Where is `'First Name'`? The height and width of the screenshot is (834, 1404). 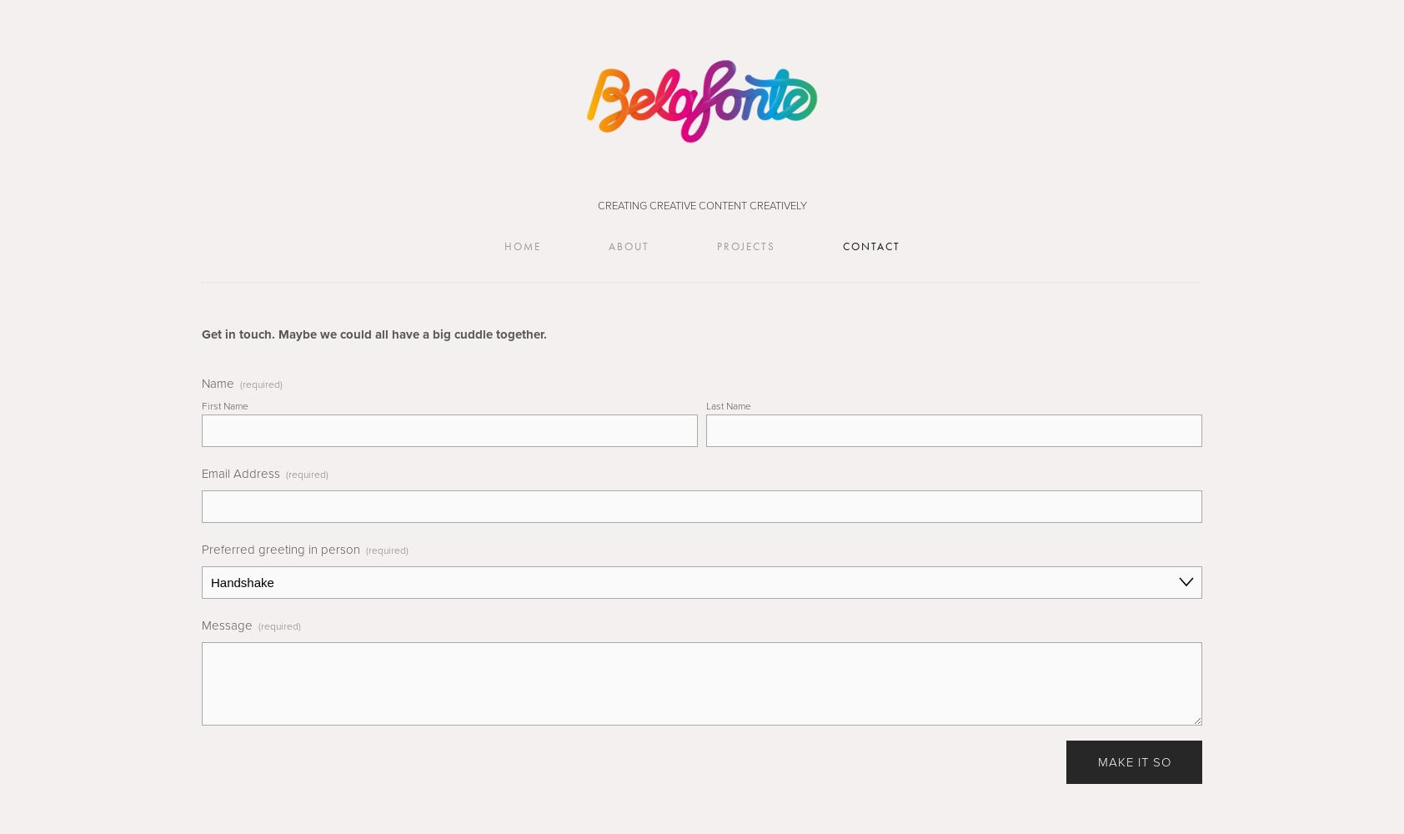
'First Name' is located at coordinates (201, 404).